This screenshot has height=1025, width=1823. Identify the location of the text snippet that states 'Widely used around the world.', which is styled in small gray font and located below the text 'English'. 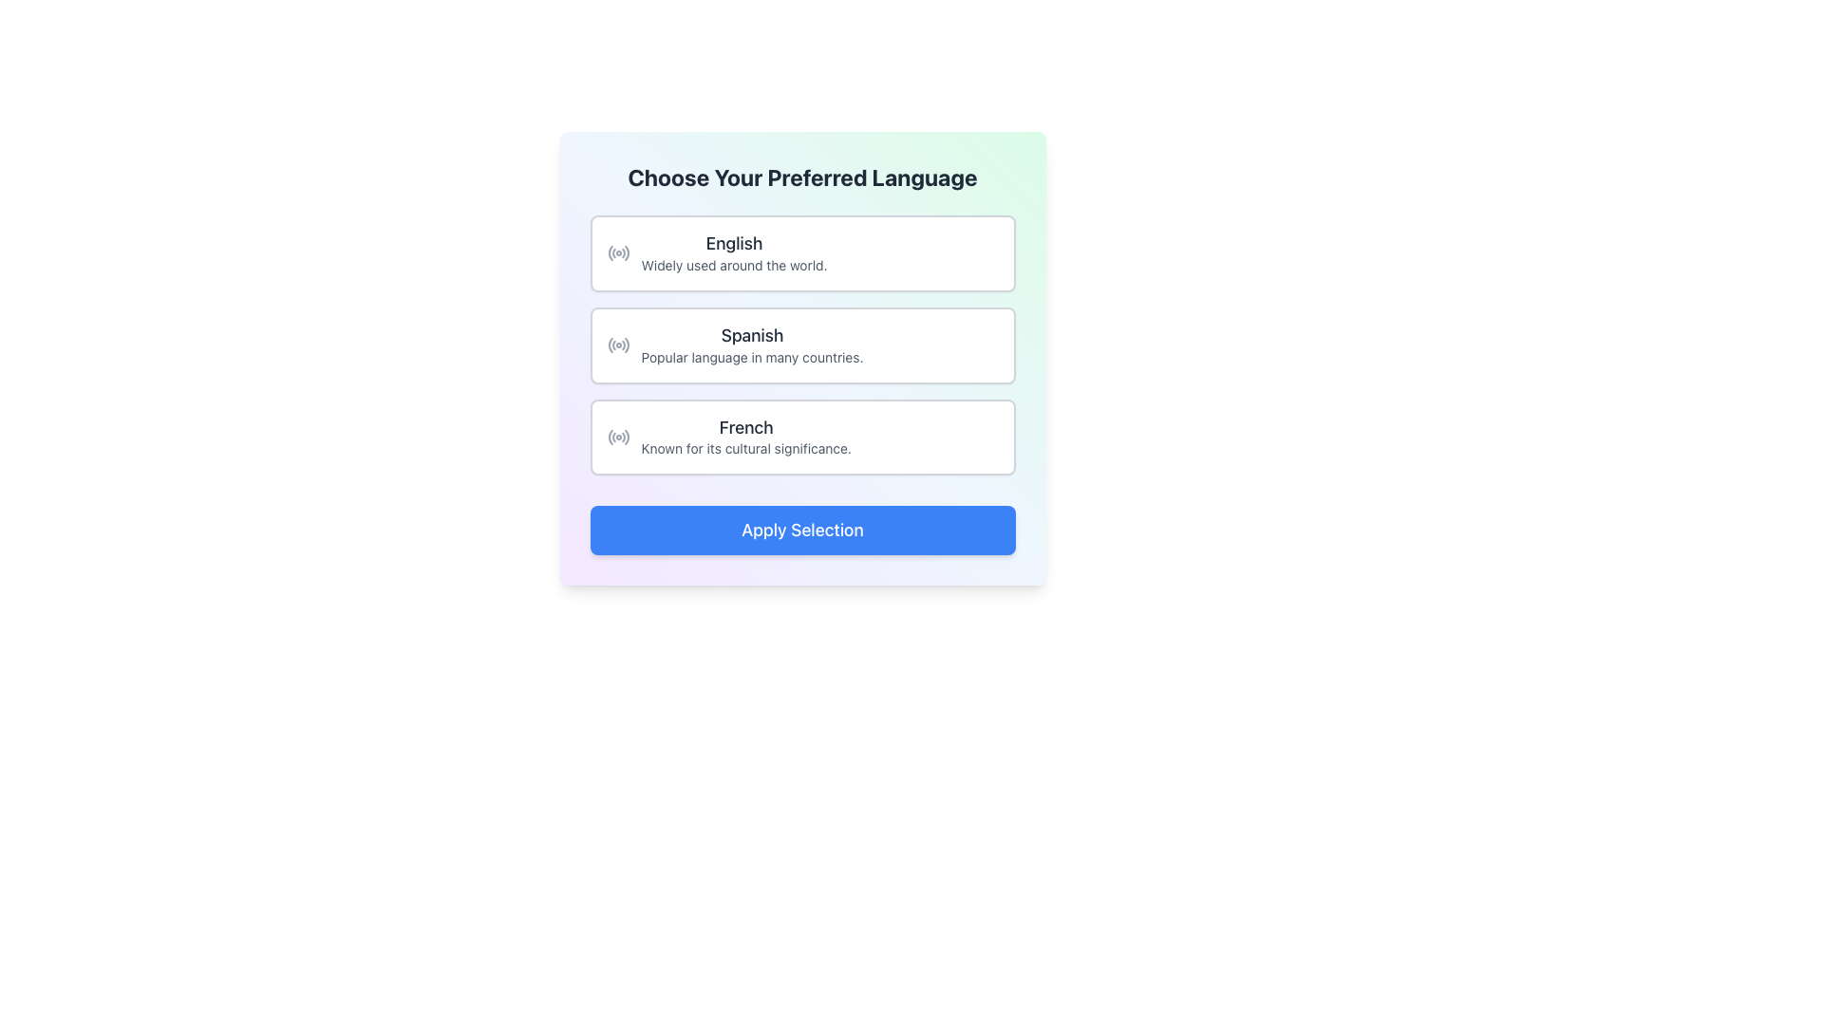
(733, 265).